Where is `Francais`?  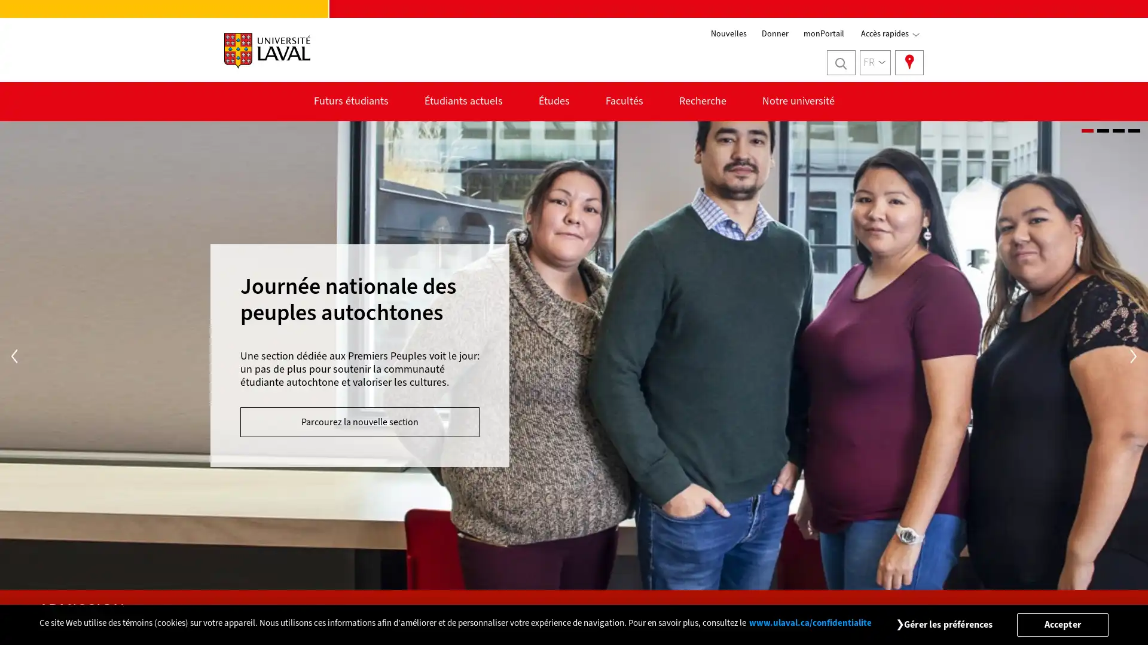 Francais is located at coordinates (875, 62).